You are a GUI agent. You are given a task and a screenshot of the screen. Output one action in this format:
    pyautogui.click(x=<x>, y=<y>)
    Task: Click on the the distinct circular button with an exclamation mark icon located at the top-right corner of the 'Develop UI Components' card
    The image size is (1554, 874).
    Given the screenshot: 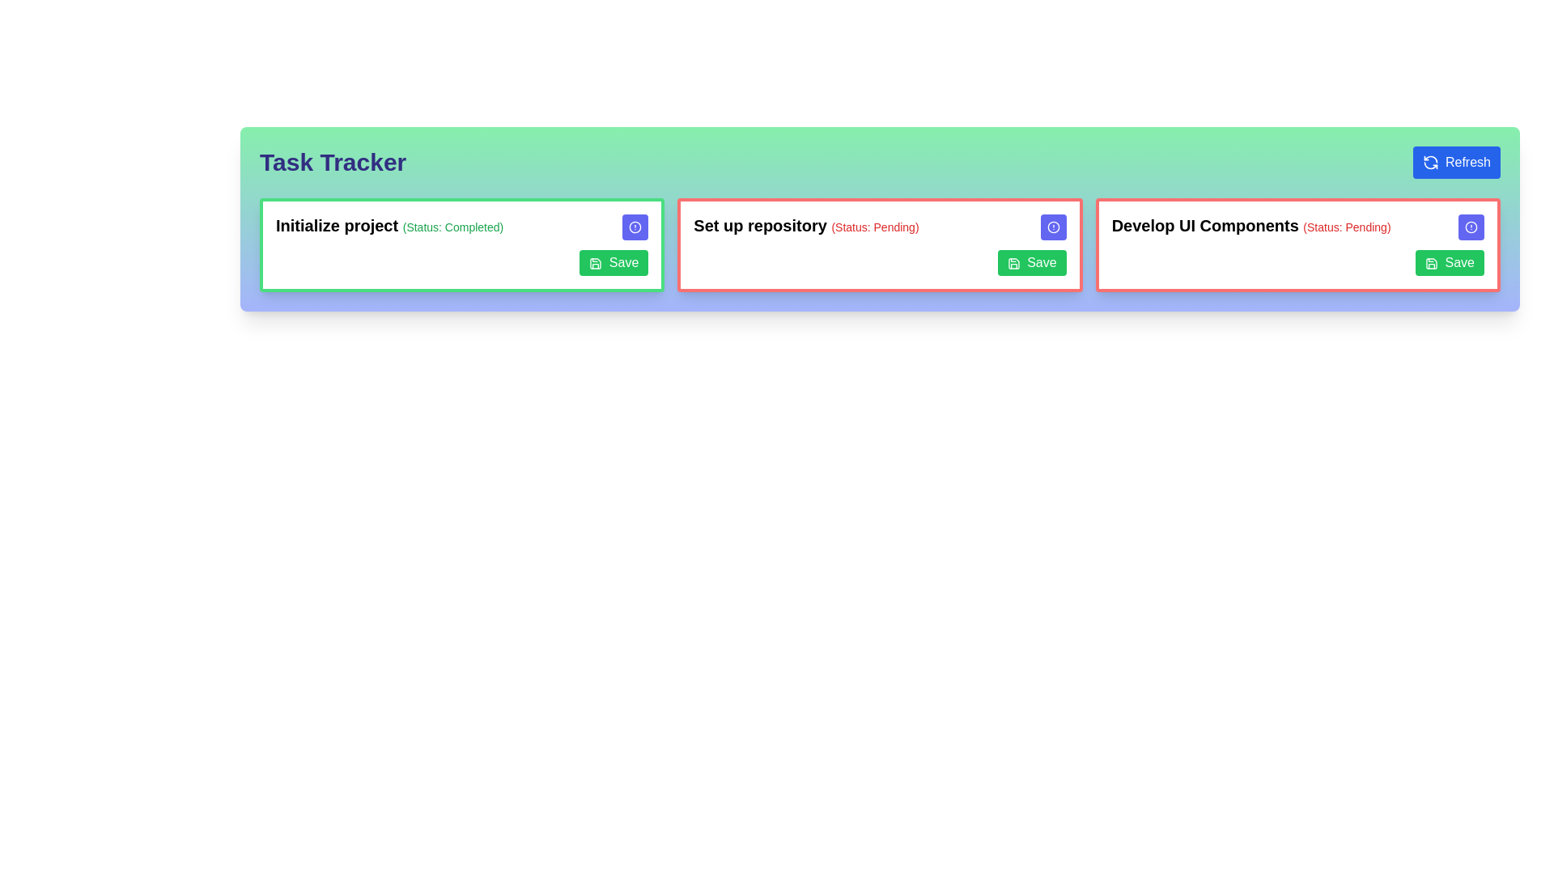 What is the action you would take?
    pyautogui.click(x=1471, y=227)
    